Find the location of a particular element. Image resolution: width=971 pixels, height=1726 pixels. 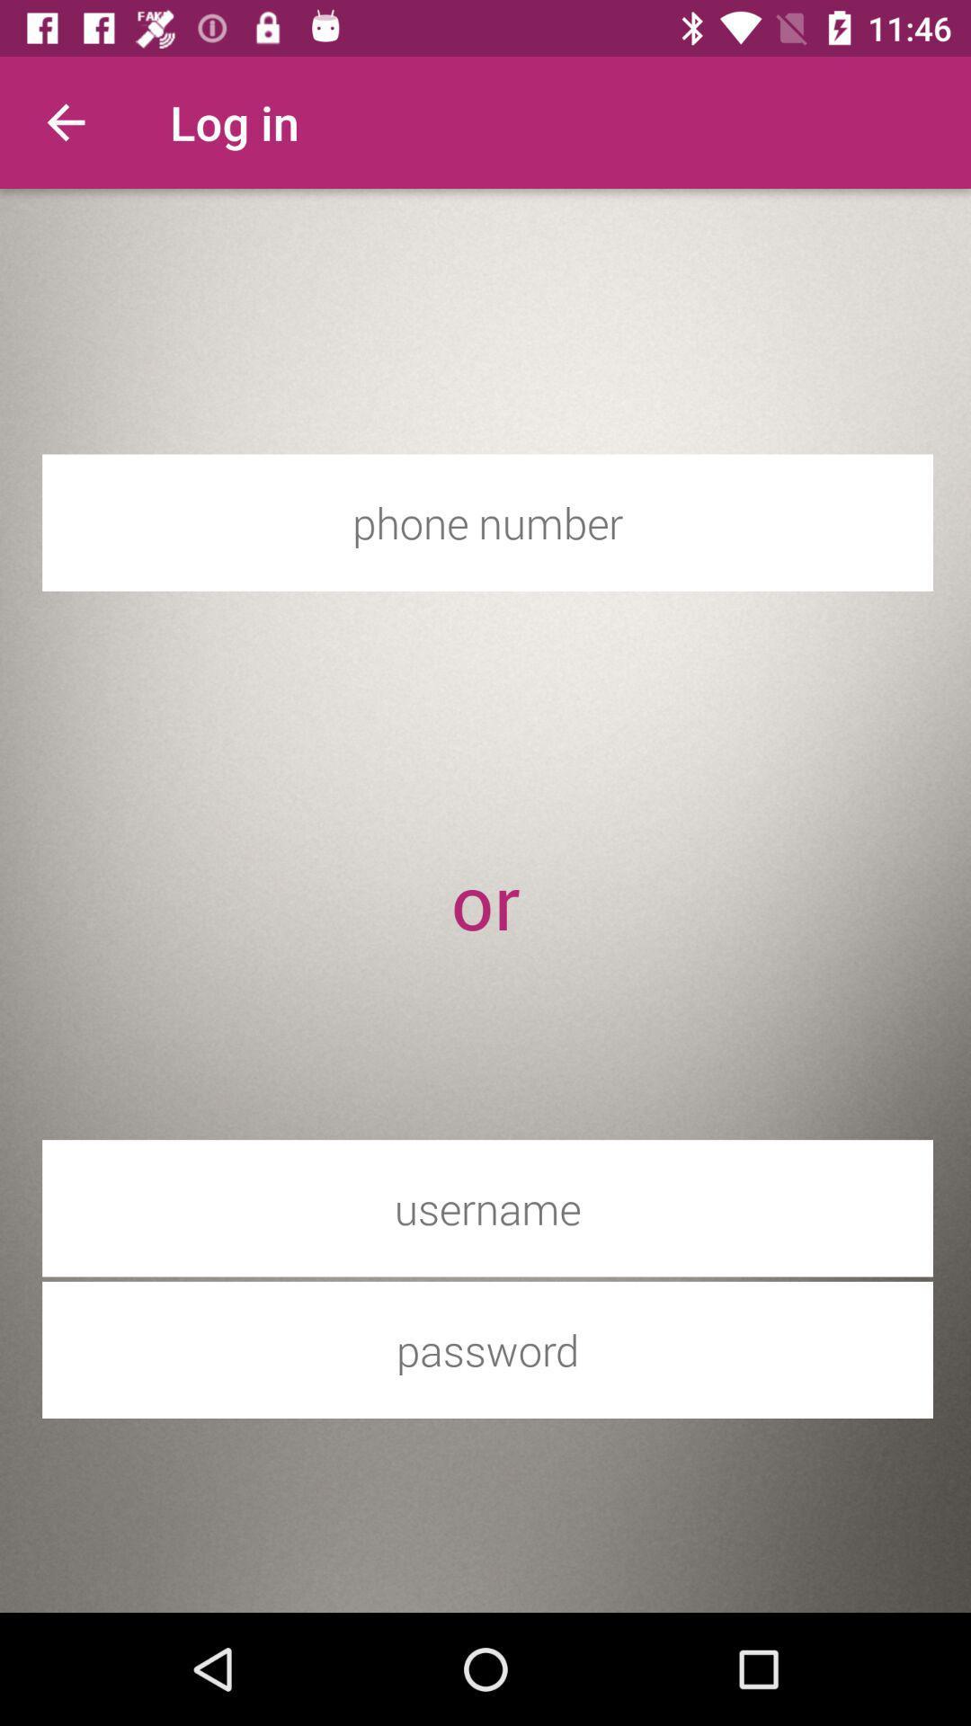

text area for username is located at coordinates (487, 1208).